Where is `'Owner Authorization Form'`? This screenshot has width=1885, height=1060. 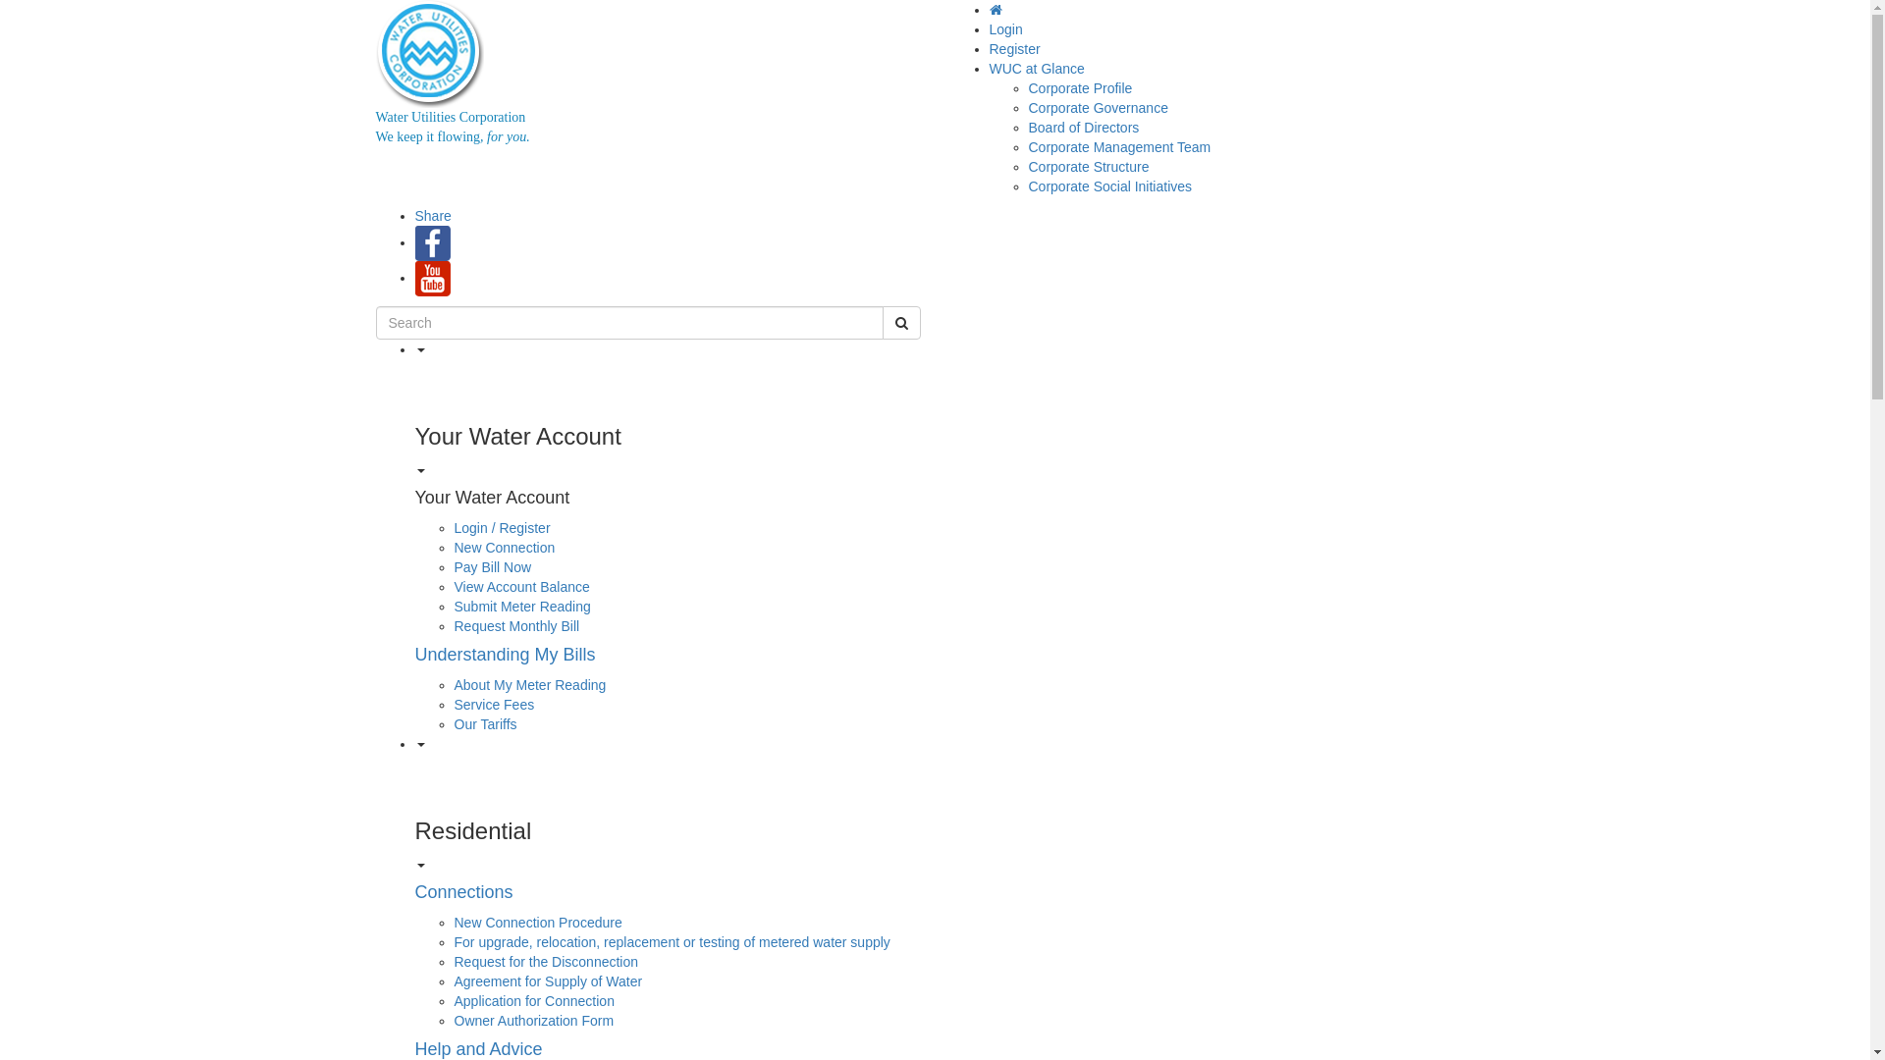
'Owner Authorization Form' is located at coordinates (452, 1020).